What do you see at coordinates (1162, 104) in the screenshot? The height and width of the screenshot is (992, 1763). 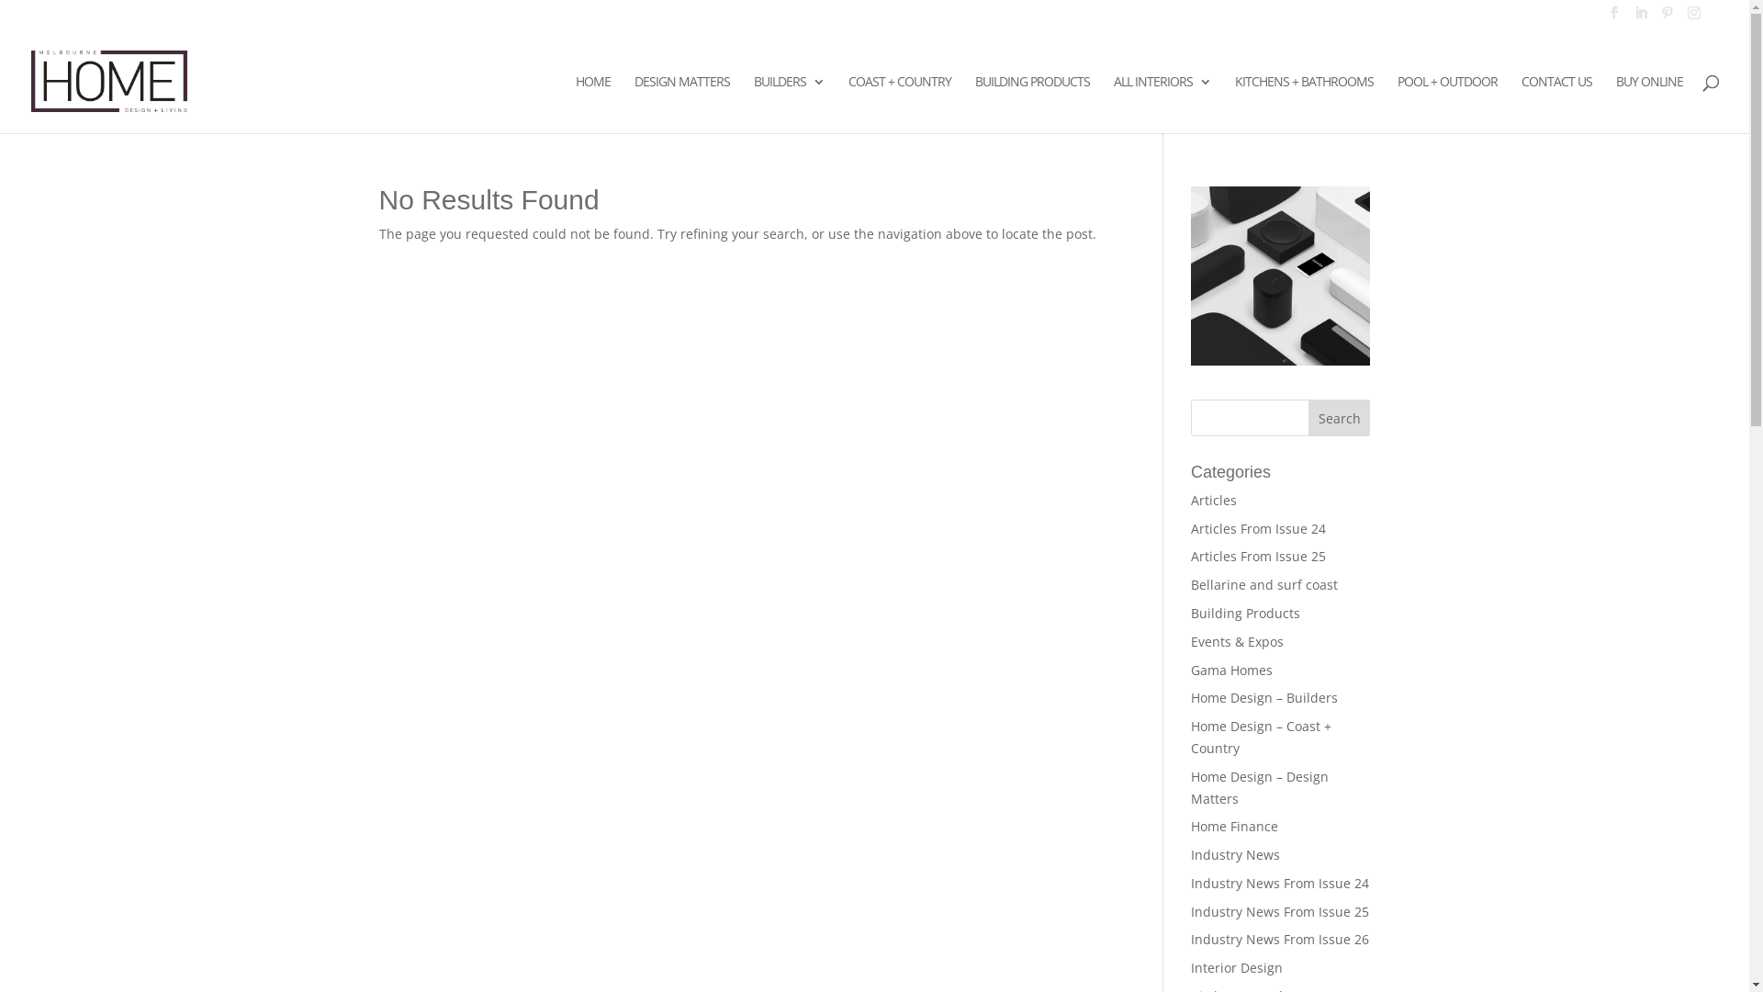 I see `'ALL INTERIORS'` at bounding box center [1162, 104].